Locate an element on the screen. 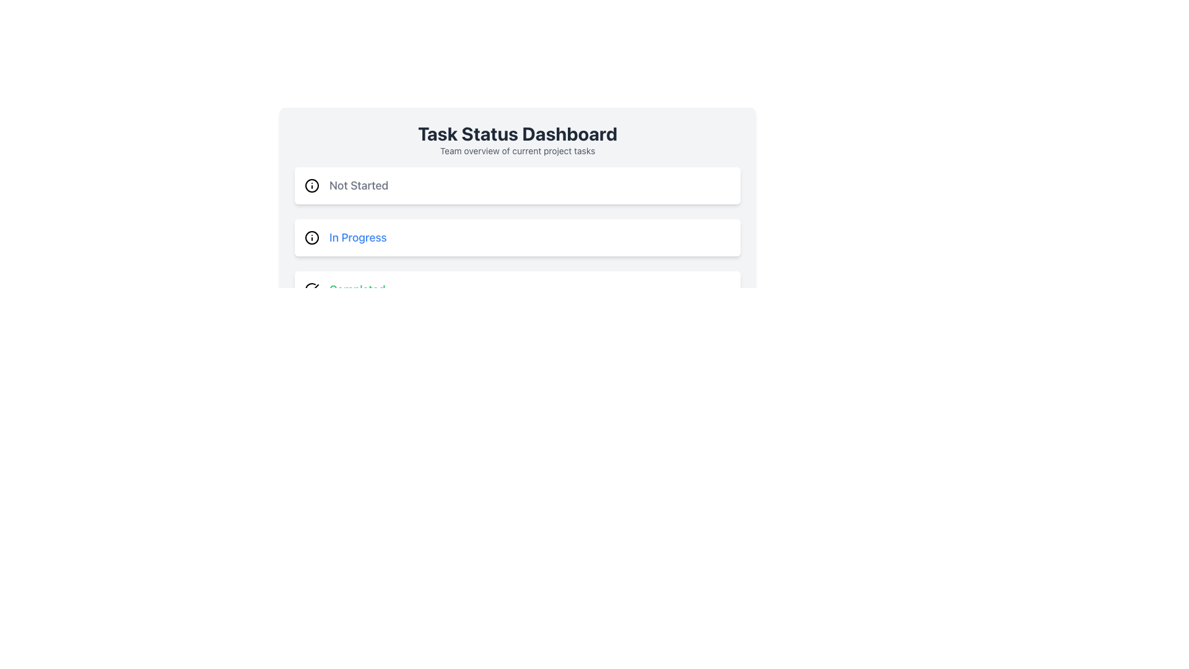  the icon that symbolizes a canceled or removed state, located adjacent to the 'Cancelled' label is located at coordinates (312, 394).